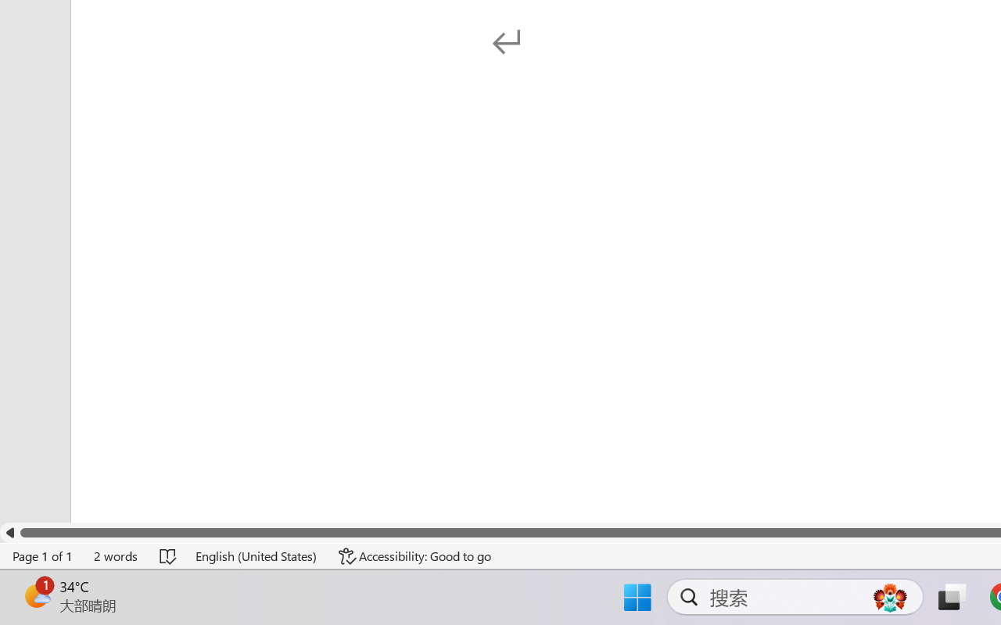 This screenshot has height=625, width=1001. Describe the element at coordinates (116, 555) in the screenshot. I see `'Word Count 2 words'` at that location.